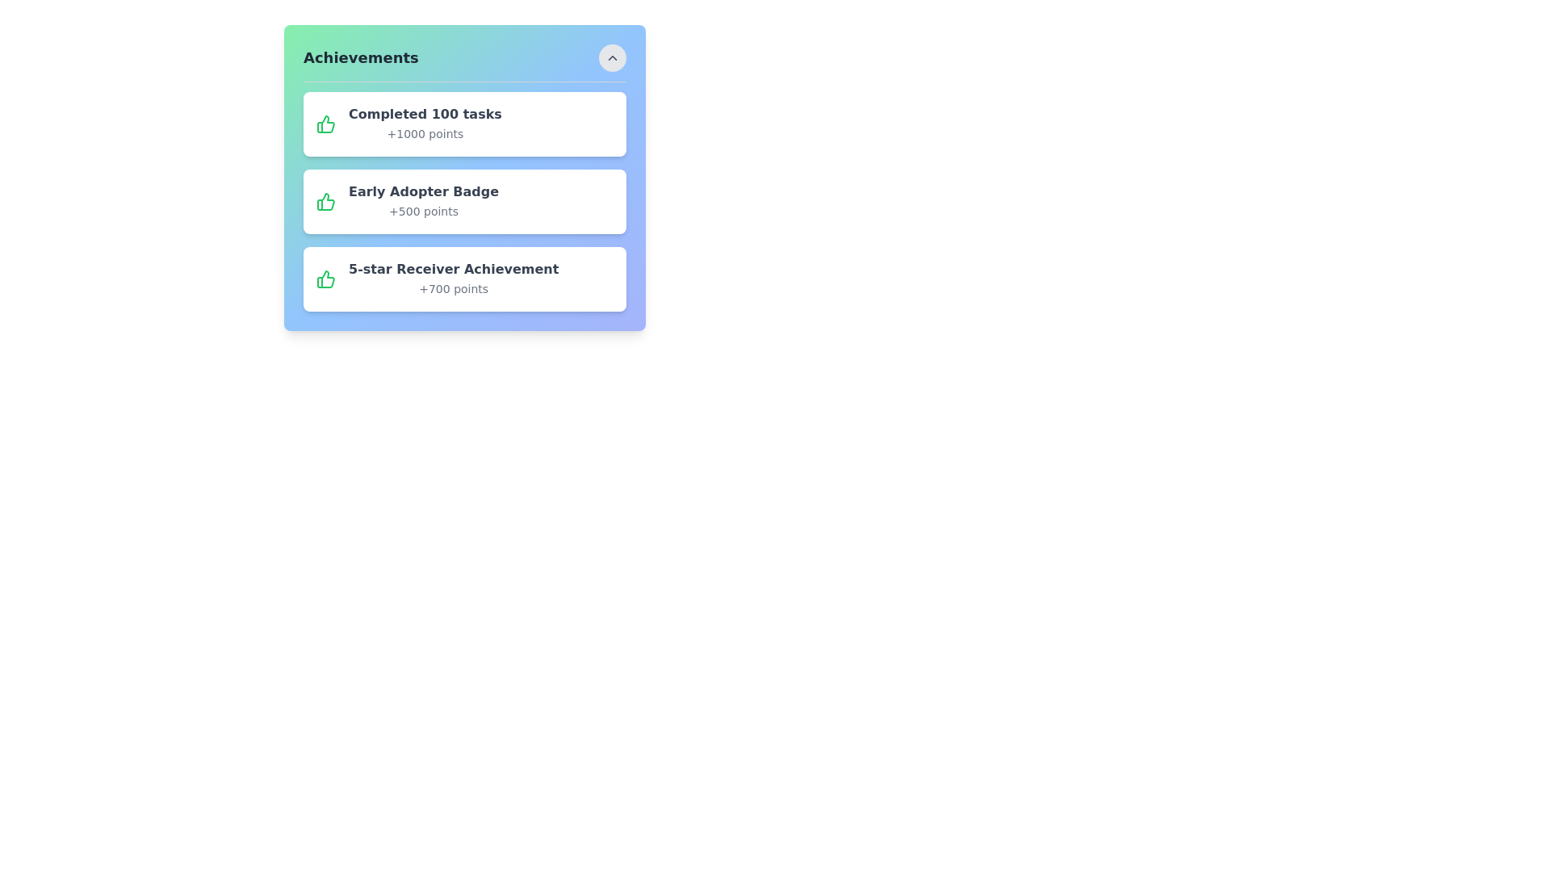 Image resolution: width=1550 pixels, height=872 pixels. I want to click on the green thumbs-up icon, which is the second in a vertically stacked list, to interact with it, so click(325, 201).